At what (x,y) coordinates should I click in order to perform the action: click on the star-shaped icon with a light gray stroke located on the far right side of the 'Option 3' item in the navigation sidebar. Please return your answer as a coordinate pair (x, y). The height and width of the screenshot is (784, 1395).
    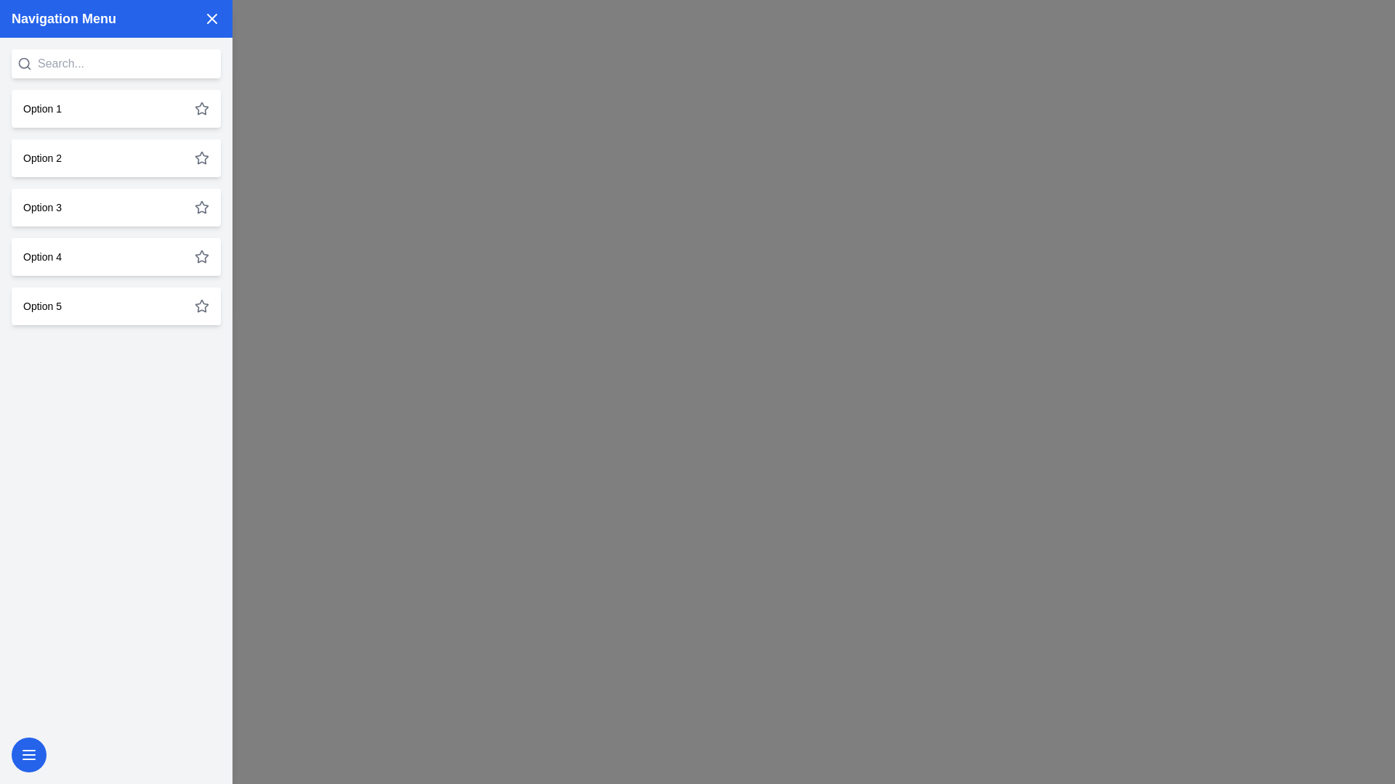
    Looking at the image, I should click on (201, 207).